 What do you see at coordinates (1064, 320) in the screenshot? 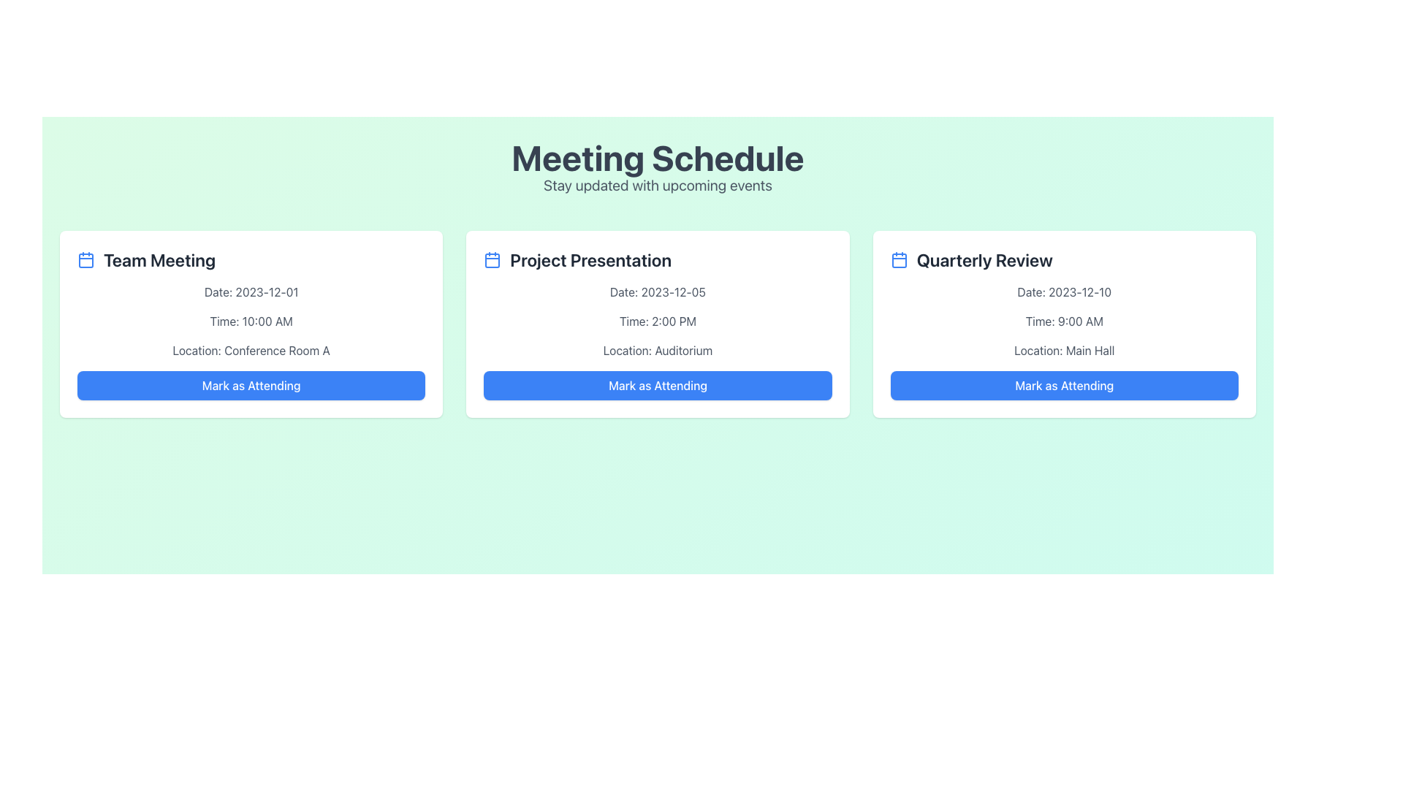
I see `the informational text label that displays the scheduled time for the 'Quarterly Review' event, which is located within the 'Quarterly Review' card, below the 'Date' text and above the 'Location' text` at bounding box center [1064, 320].